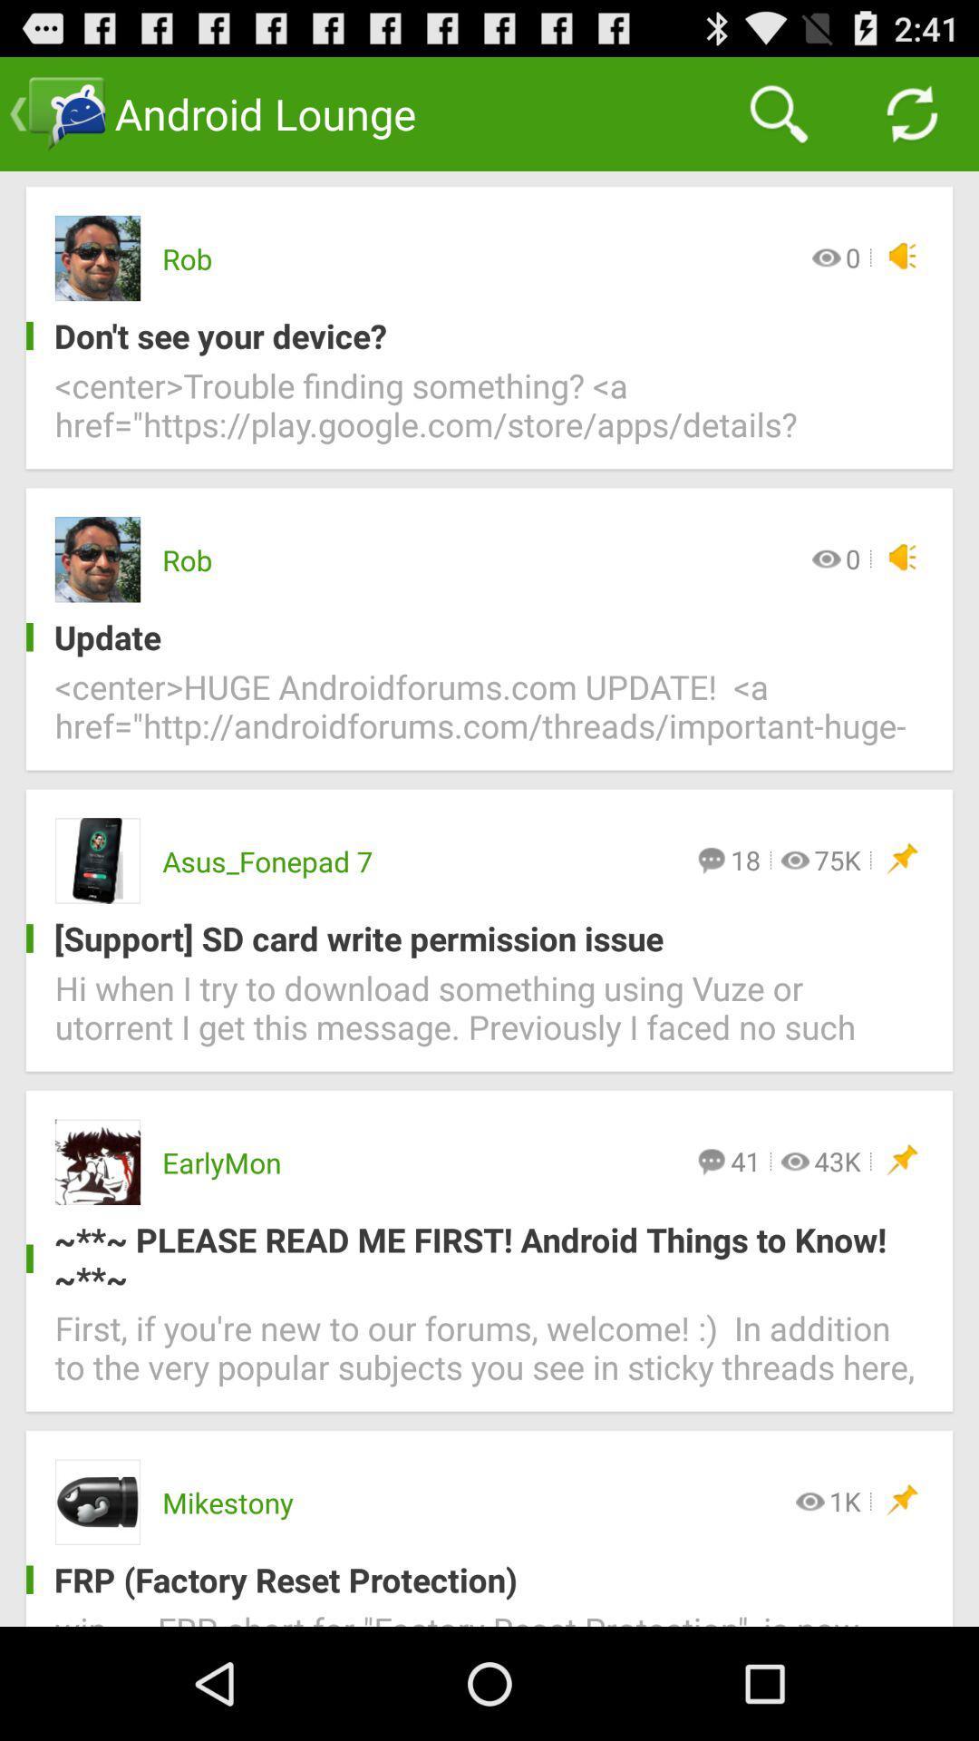 This screenshot has height=1741, width=979. What do you see at coordinates (474, 939) in the screenshot?
I see `item above the hi when i` at bounding box center [474, 939].